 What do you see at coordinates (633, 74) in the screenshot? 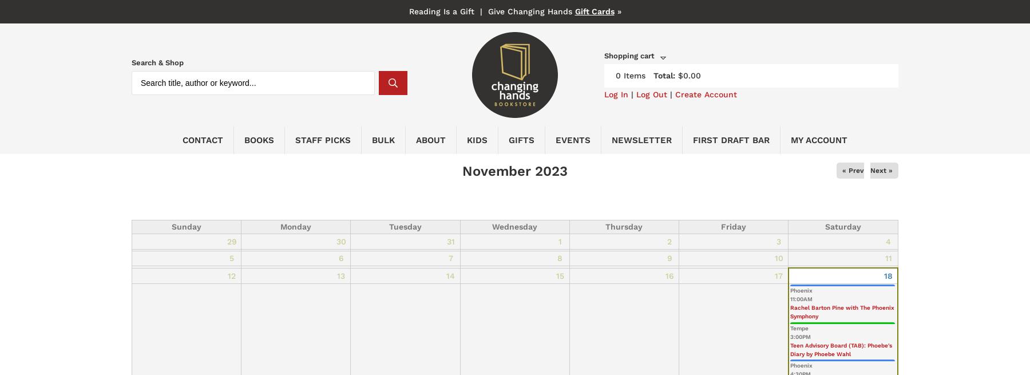
I see `'Items'` at bounding box center [633, 74].